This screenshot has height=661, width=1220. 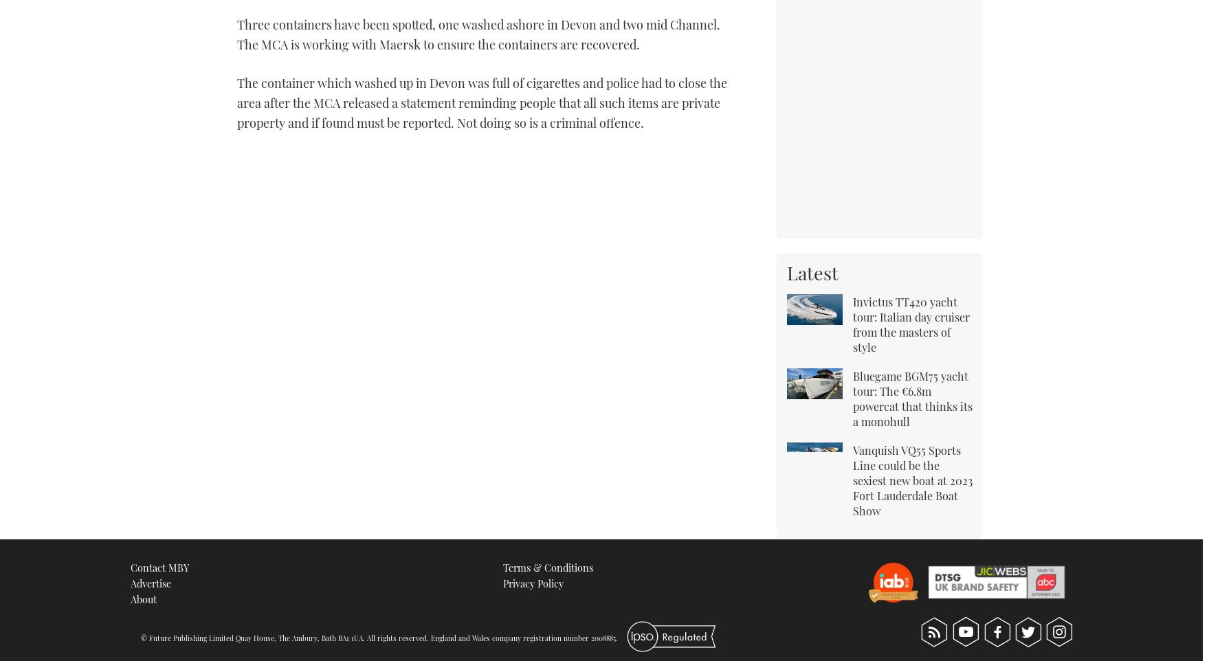 What do you see at coordinates (150, 583) in the screenshot?
I see `'Advertise'` at bounding box center [150, 583].